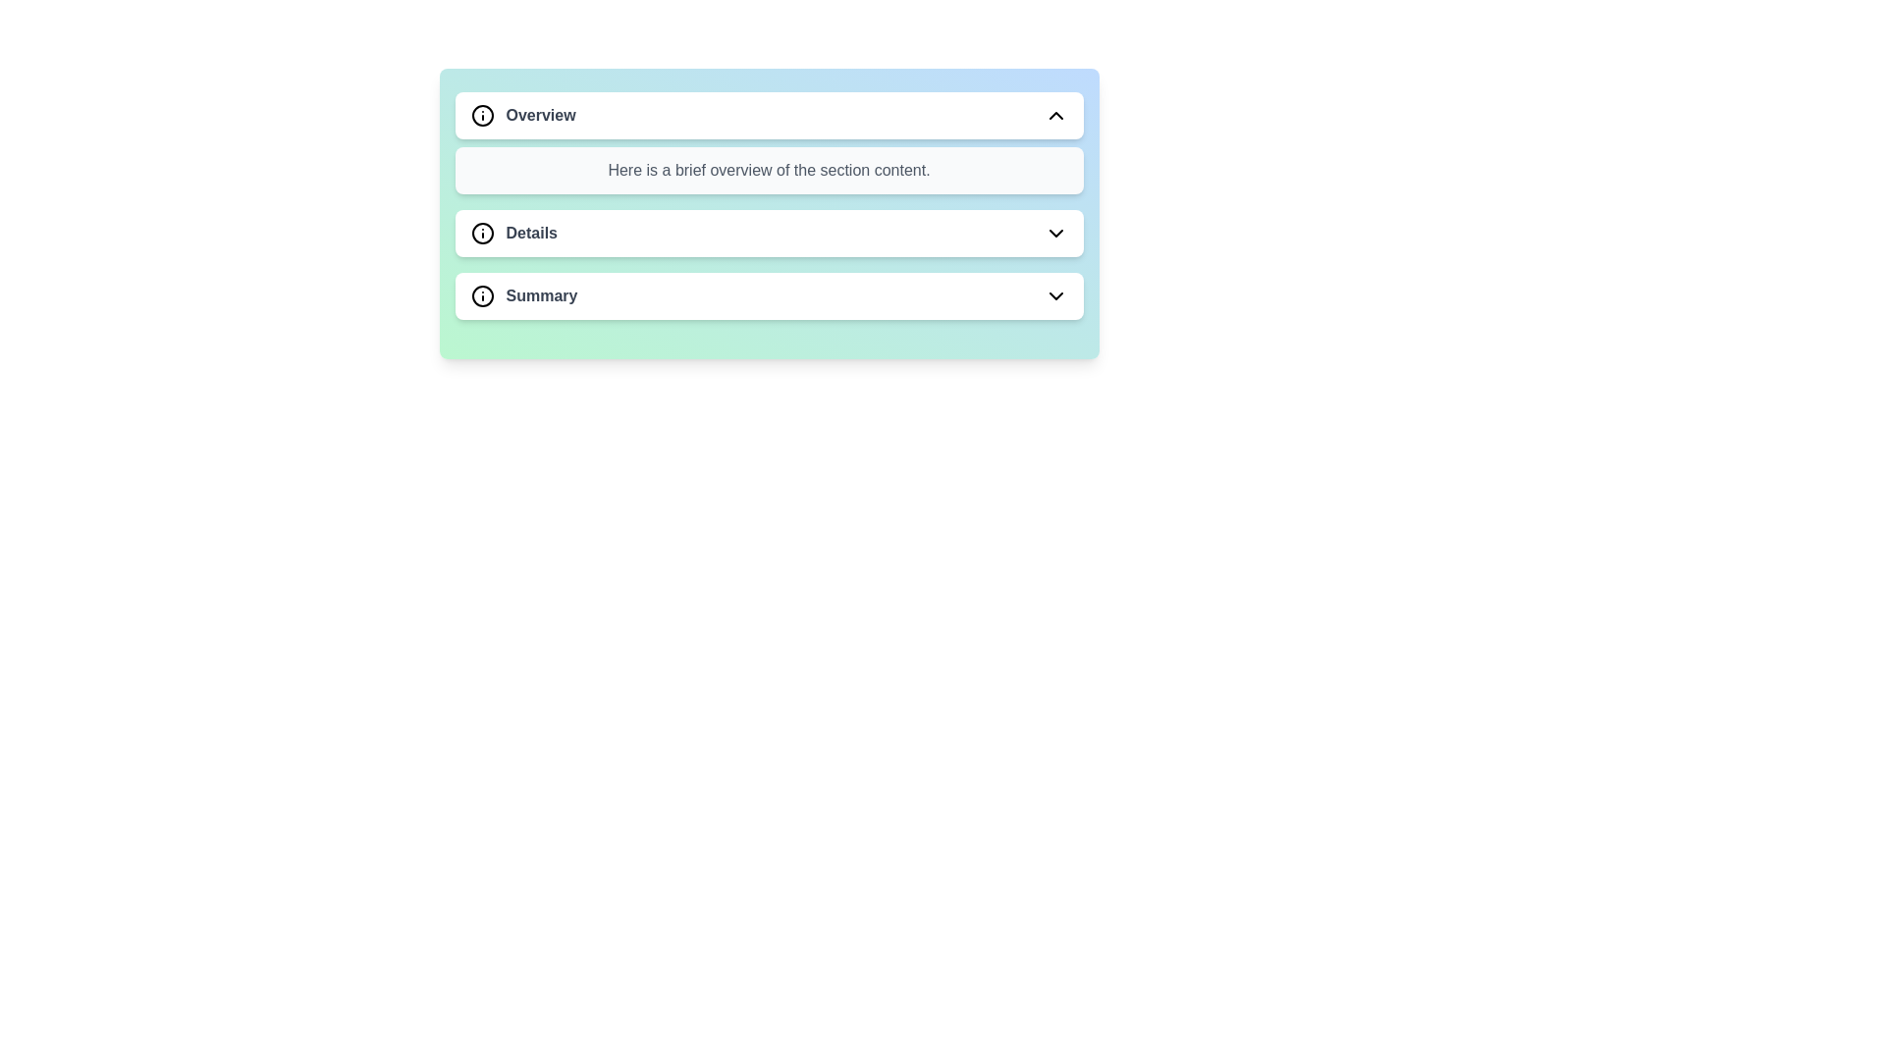 Image resolution: width=1885 pixels, height=1060 pixels. I want to click on the SVG Circle element located in the 'Details' section of the vertical list, which has a stroke outline and matches the surrounding graphics, so click(482, 233).